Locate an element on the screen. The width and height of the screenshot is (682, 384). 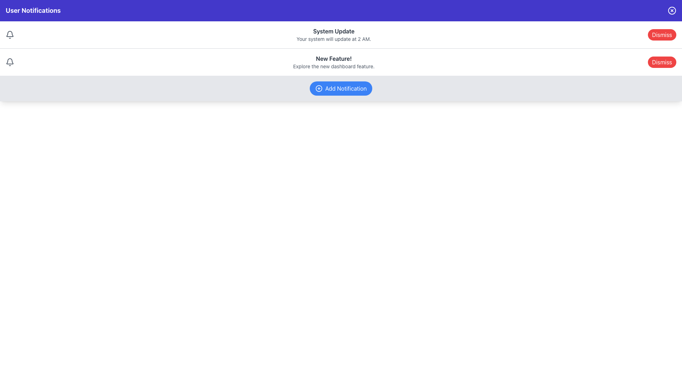
the blue button with rounded edges labeled 'Add Notification' is located at coordinates (341, 88).